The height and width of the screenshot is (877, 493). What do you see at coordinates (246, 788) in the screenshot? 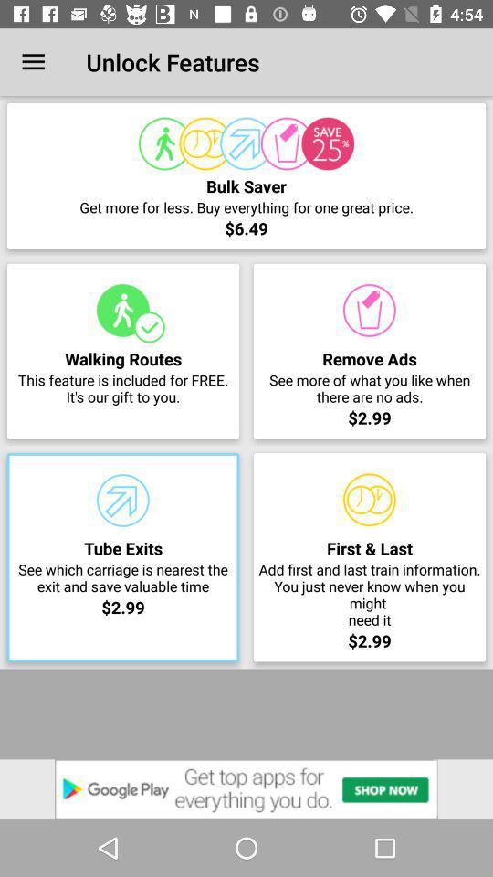
I see `open advertisement for google play` at bounding box center [246, 788].